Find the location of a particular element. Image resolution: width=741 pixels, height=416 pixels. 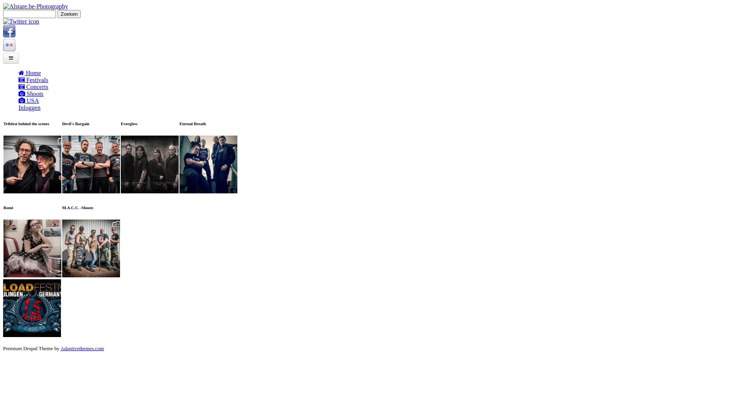

'Visit Altare.be-Photography on Flickr' is located at coordinates (9, 49).